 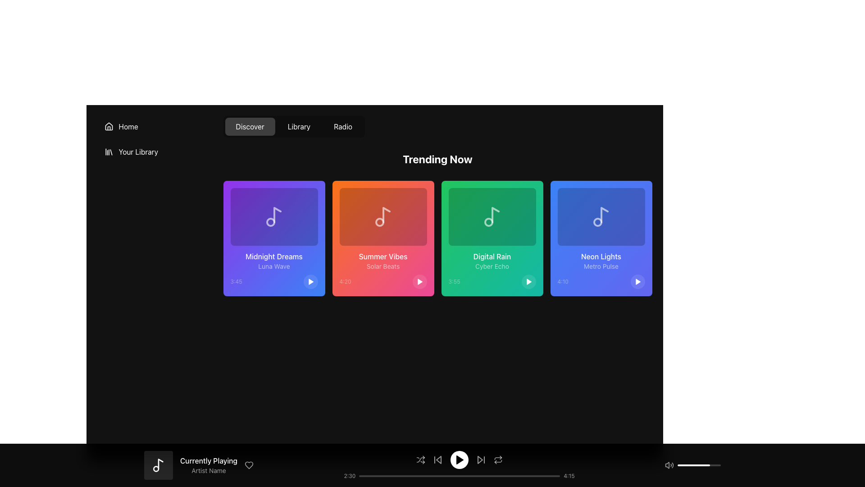 What do you see at coordinates (692, 465) in the screenshot?
I see `the slider value` at bounding box center [692, 465].